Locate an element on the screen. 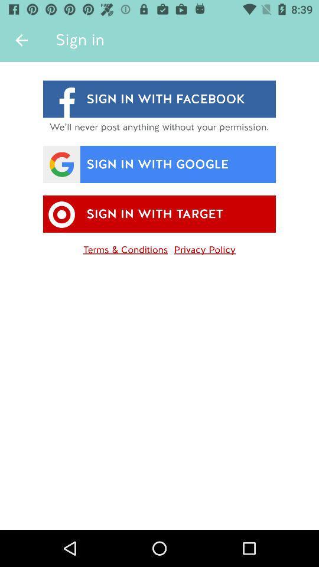  the item next to the sign in item is located at coordinates (21, 40).